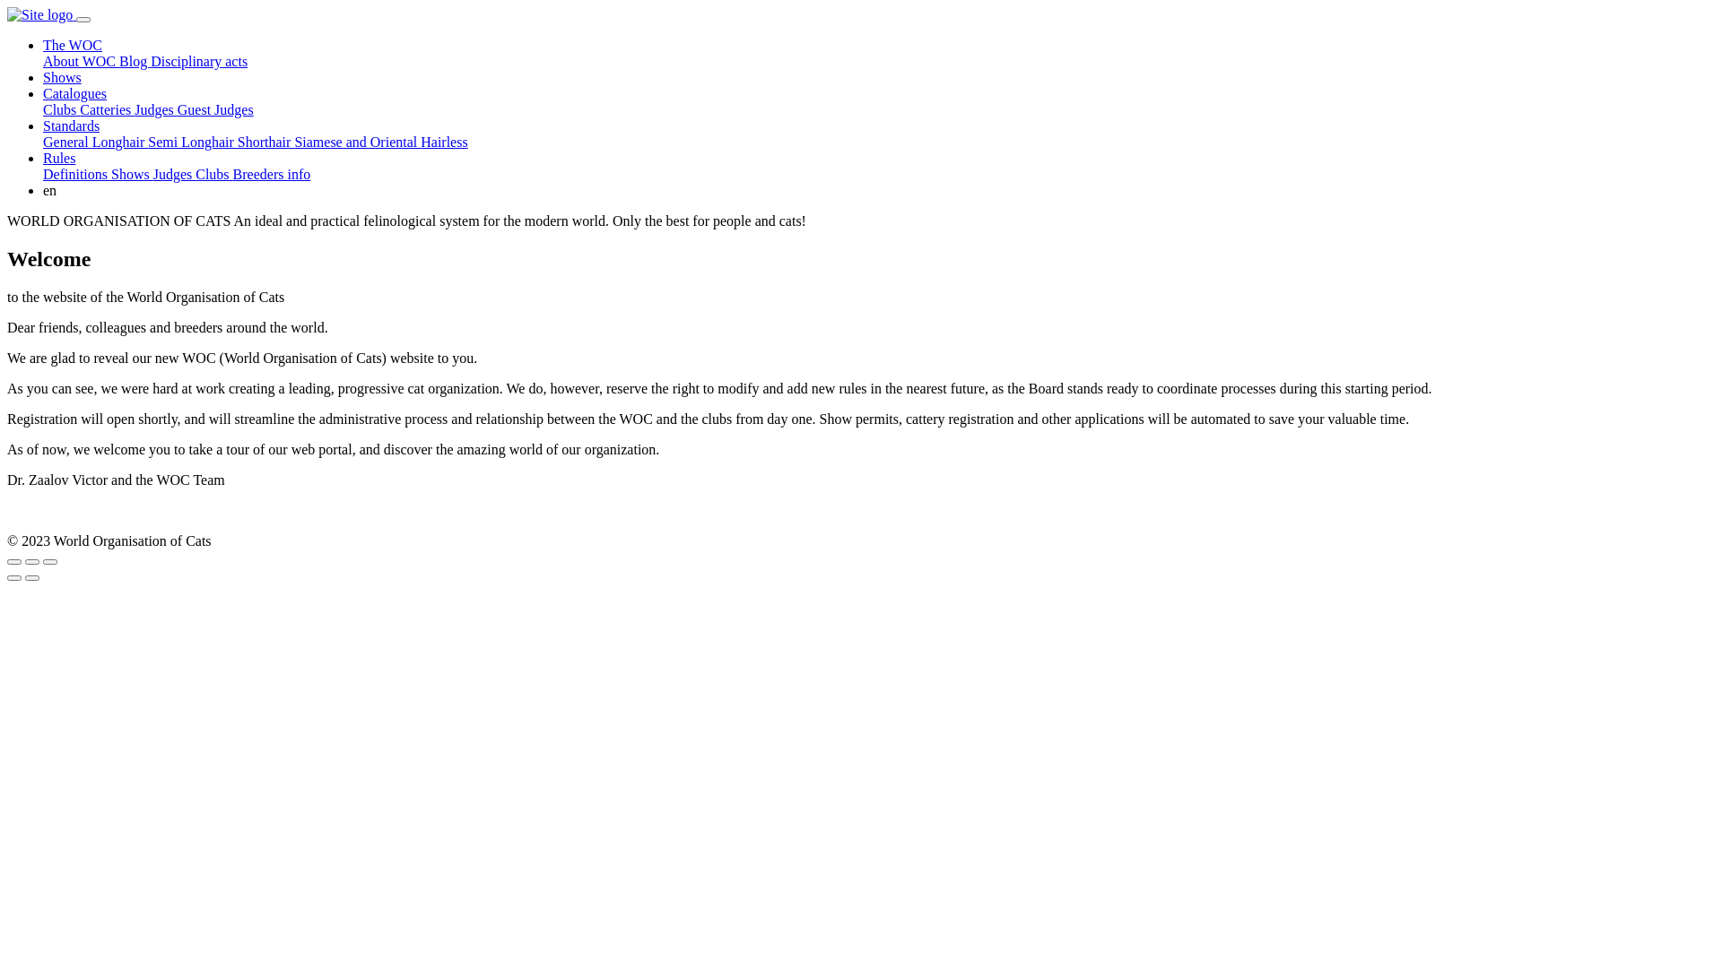 The height and width of the screenshot is (968, 1722). What do you see at coordinates (13, 561) in the screenshot?
I see `'Close (Esc)'` at bounding box center [13, 561].